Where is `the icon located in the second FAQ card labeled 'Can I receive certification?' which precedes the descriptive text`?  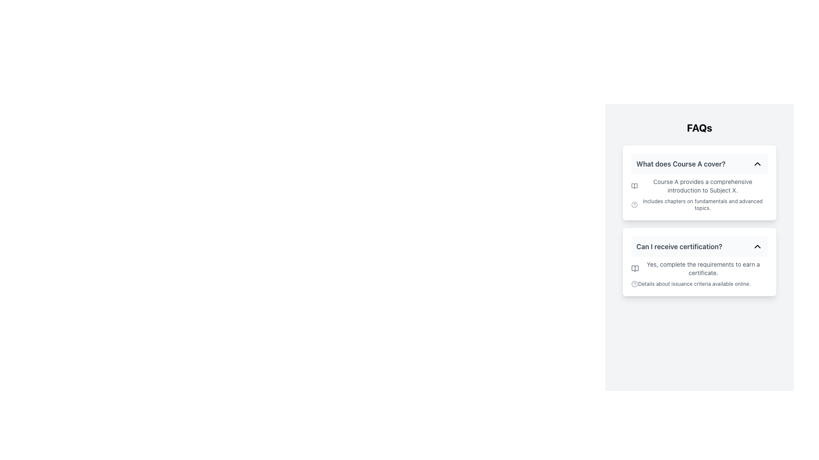 the icon located in the second FAQ card labeled 'Can I receive certification?' which precedes the descriptive text is located at coordinates (635, 269).